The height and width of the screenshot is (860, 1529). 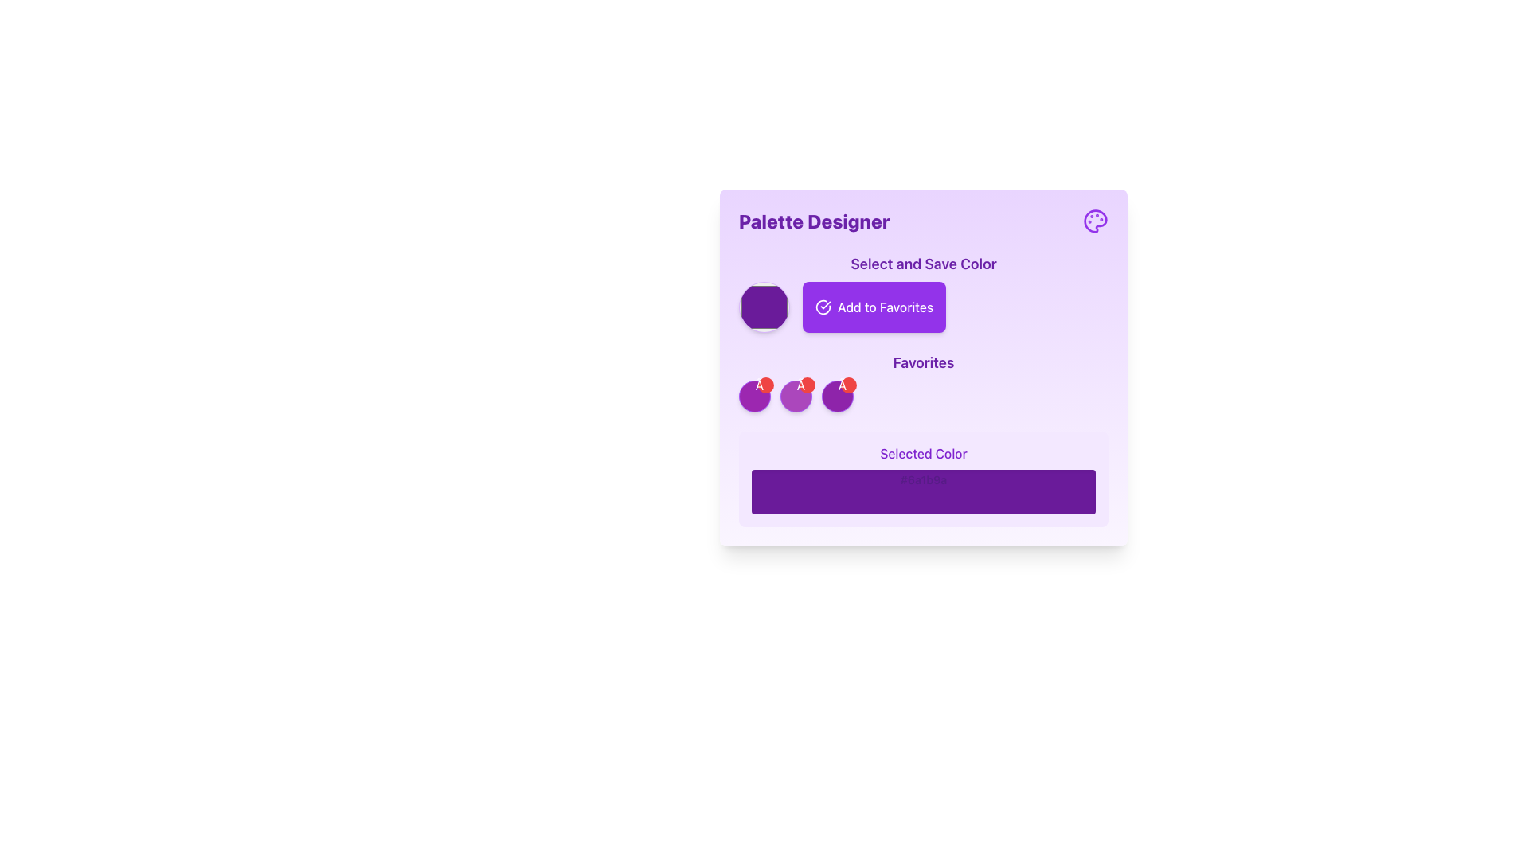 What do you see at coordinates (924, 331) in the screenshot?
I see `the button located in the 'Select and Save Color' section` at bounding box center [924, 331].